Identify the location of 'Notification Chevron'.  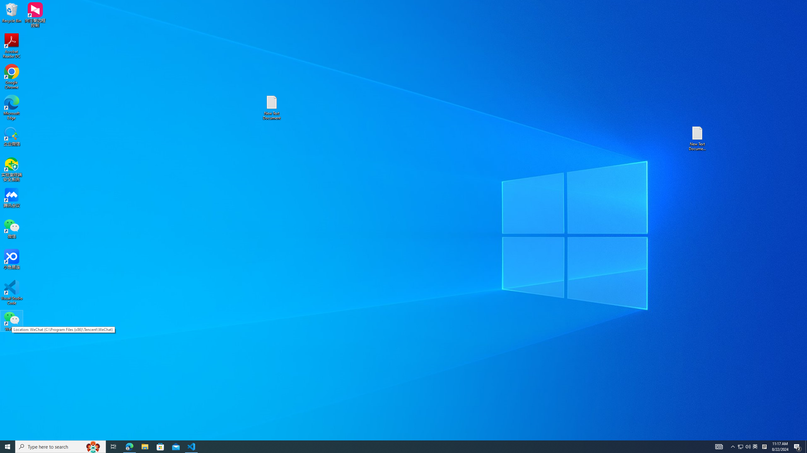
(733, 446).